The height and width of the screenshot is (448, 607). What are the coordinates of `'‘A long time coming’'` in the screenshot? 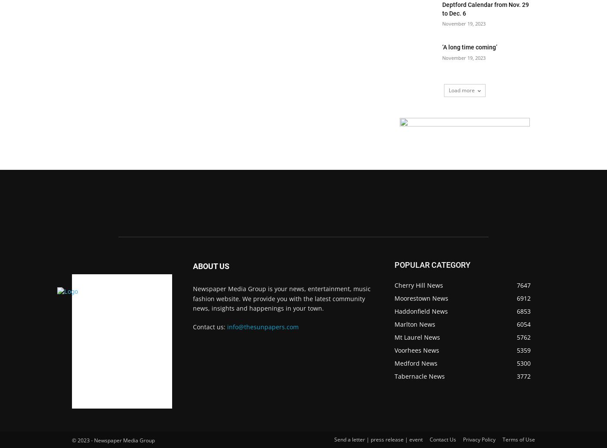 It's located at (470, 47).